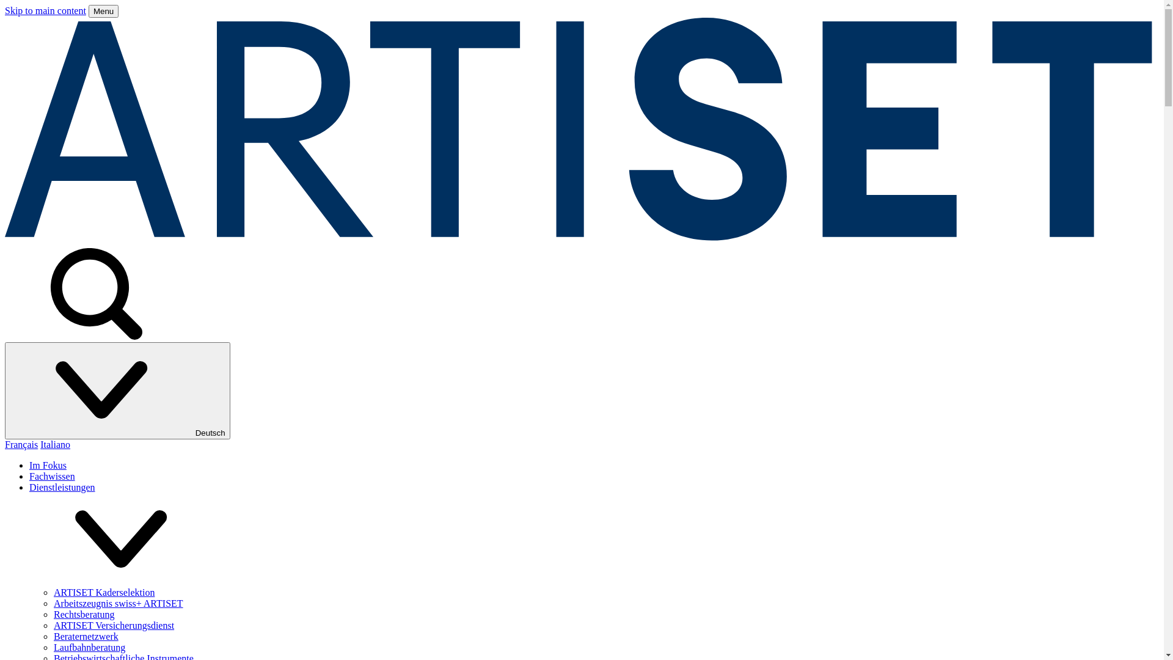 This screenshot has width=1173, height=660. Describe the element at coordinates (29, 486) in the screenshot. I see `'Dienstleistungen'` at that location.